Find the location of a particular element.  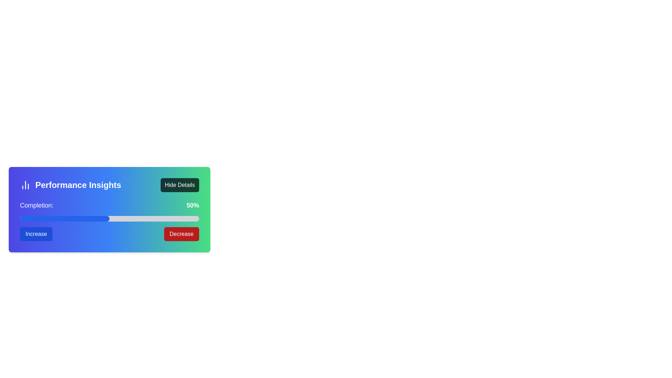

the 'Performance Insights' title in the header is located at coordinates (109, 184).